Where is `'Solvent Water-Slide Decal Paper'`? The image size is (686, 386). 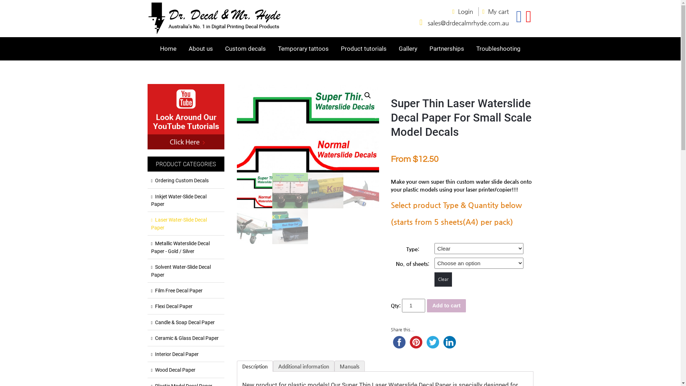
'Solvent Water-Slide Decal Paper' is located at coordinates (185, 271).